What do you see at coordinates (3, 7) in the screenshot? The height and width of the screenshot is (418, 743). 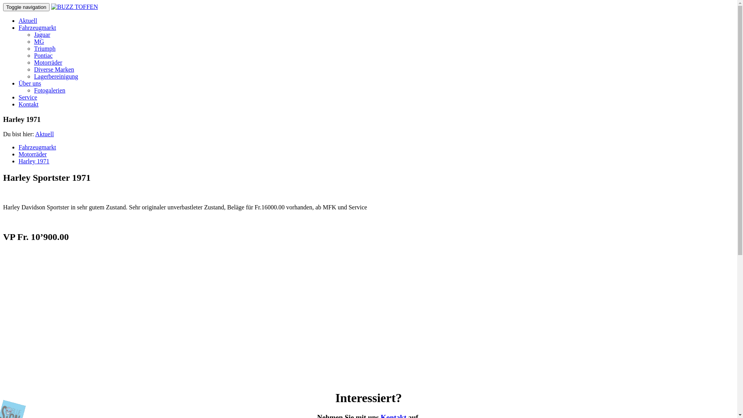 I see `'Toggle navigation'` at bounding box center [3, 7].